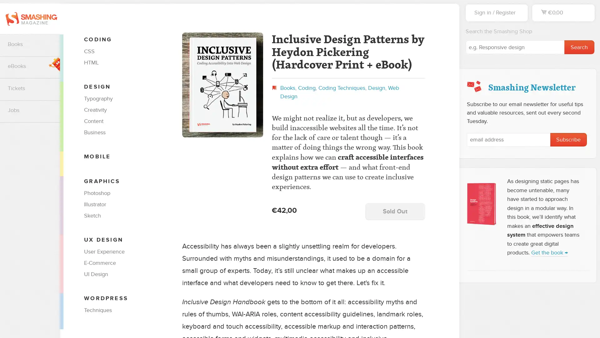 This screenshot has height=338, width=600. I want to click on Search, so click(579, 47).